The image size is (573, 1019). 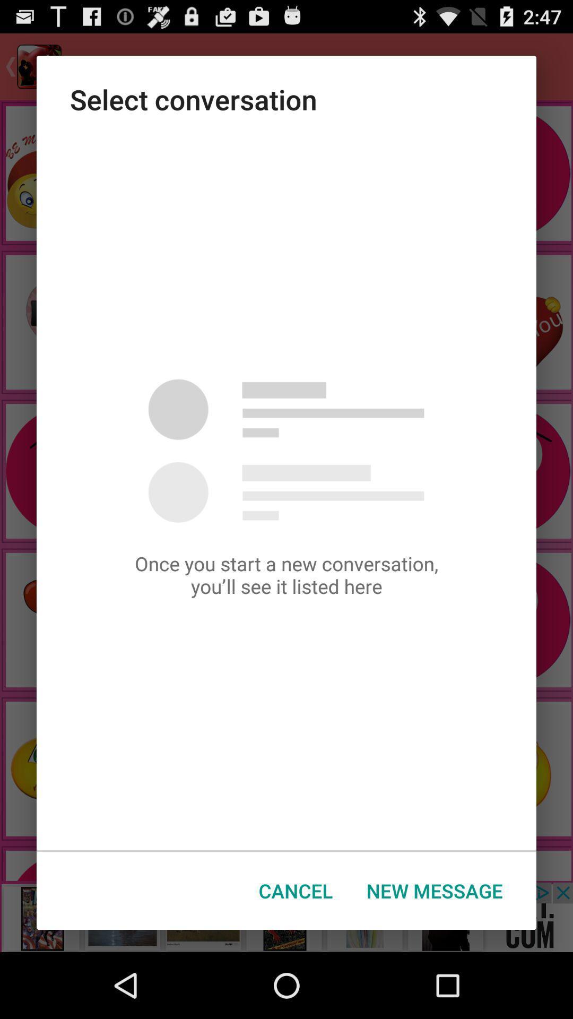 What do you see at coordinates (296, 891) in the screenshot?
I see `icon to the left of new message button` at bounding box center [296, 891].